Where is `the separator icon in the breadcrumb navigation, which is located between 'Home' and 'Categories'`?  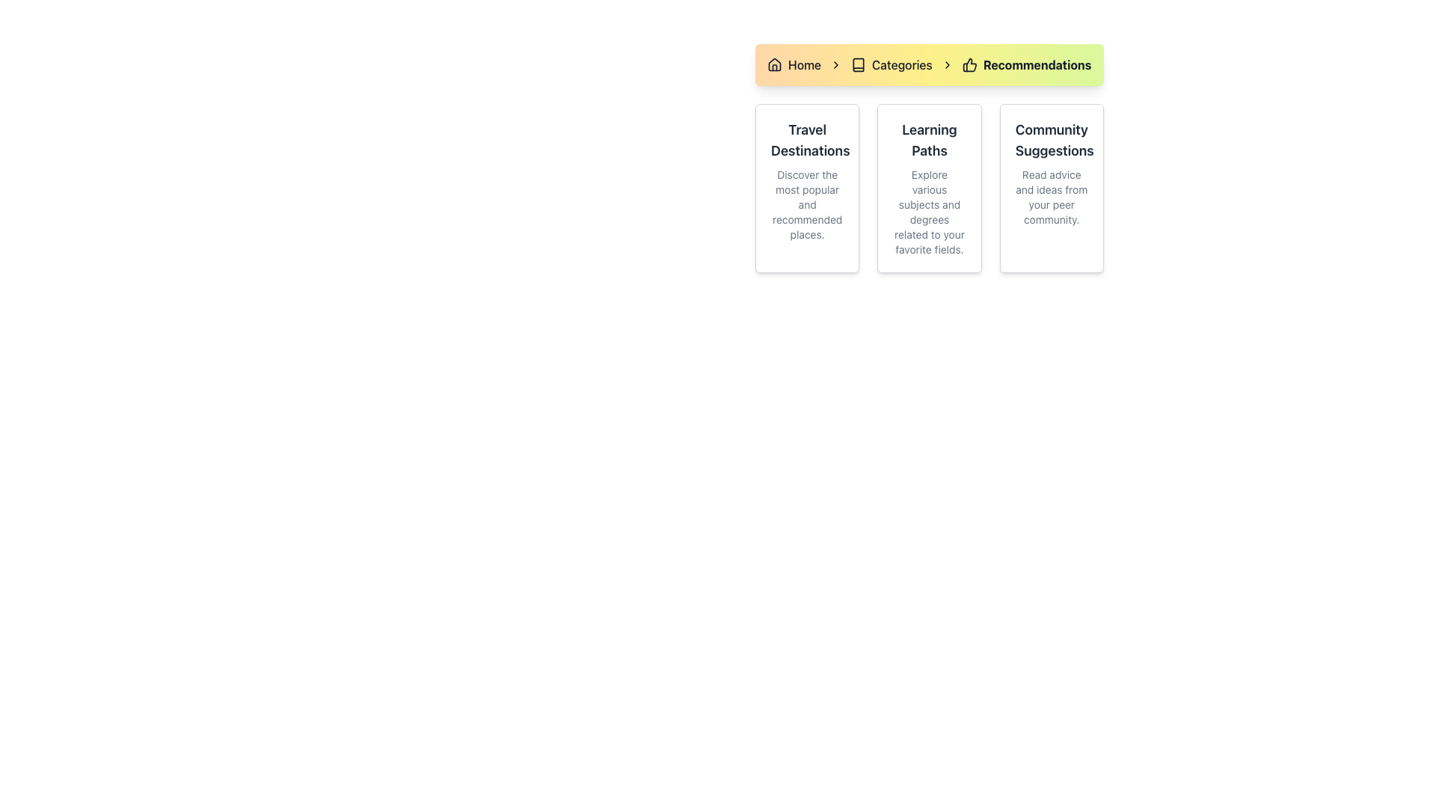 the separator icon in the breadcrumb navigation, which is located between 'Home' and 'Categories' is located at coordinates (835, 64).